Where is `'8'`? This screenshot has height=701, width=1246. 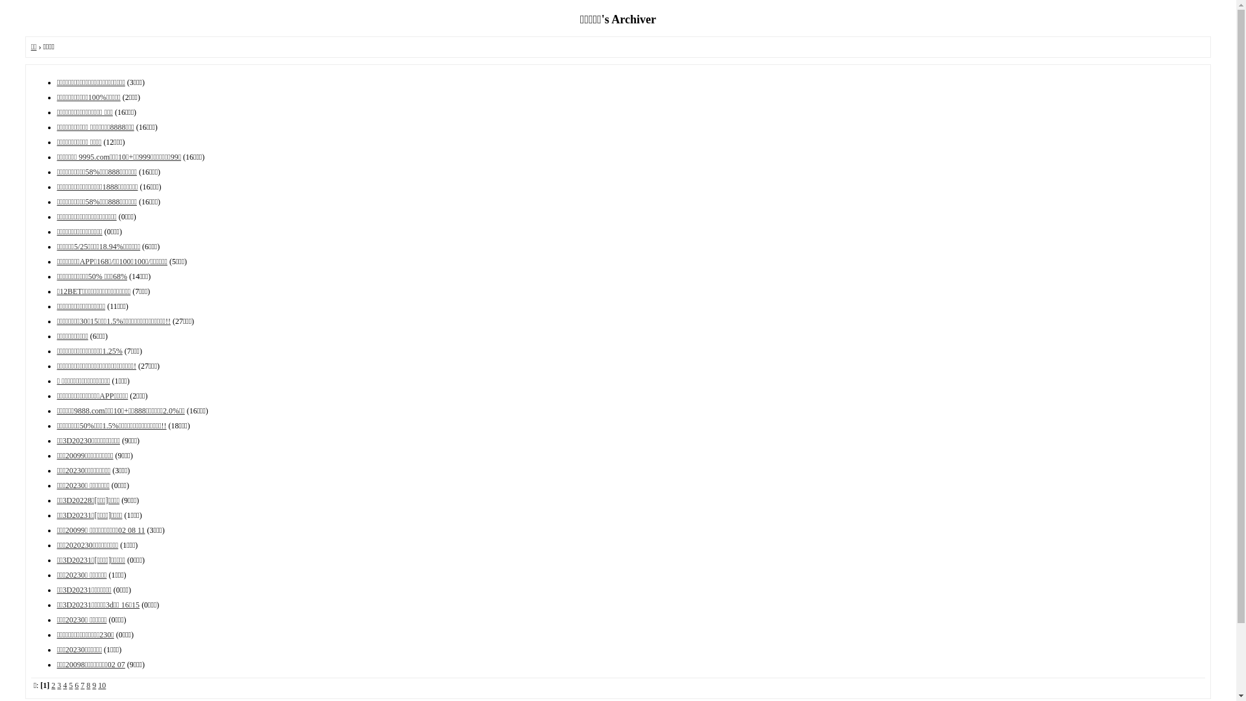 '8' is located at coordinates (87, 685).